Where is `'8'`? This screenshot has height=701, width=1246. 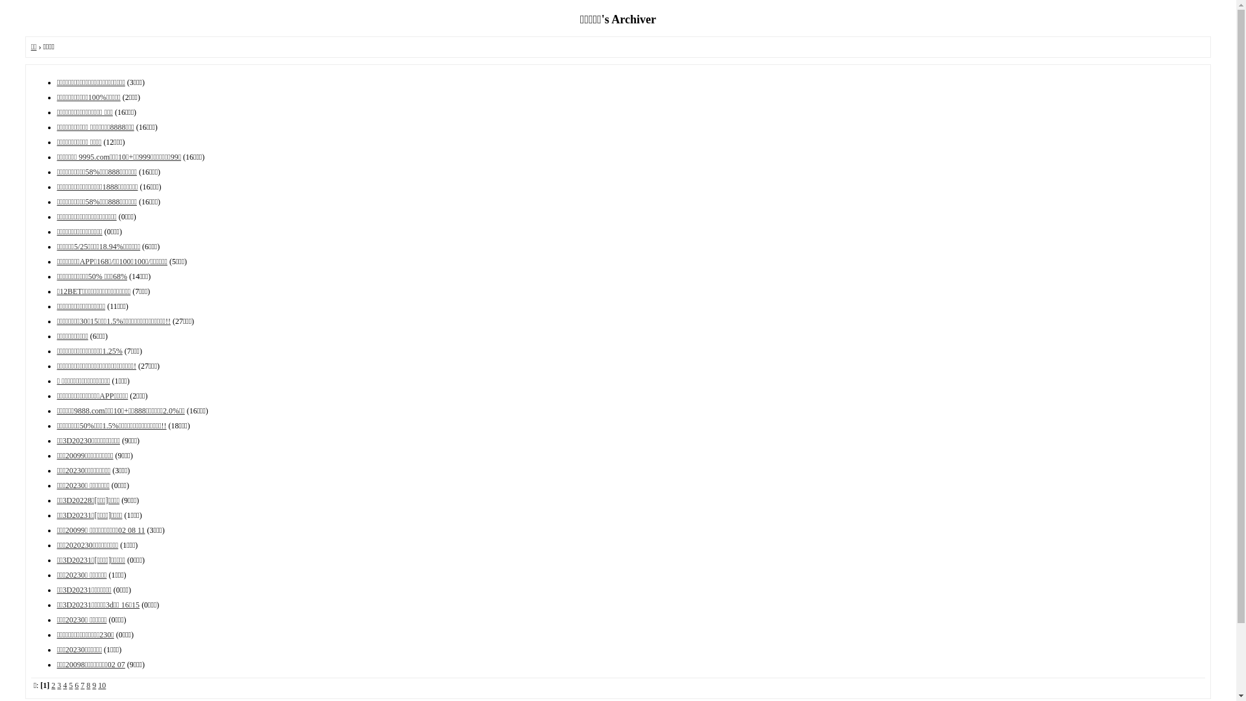 '8' is located at coordinates (87, 685).